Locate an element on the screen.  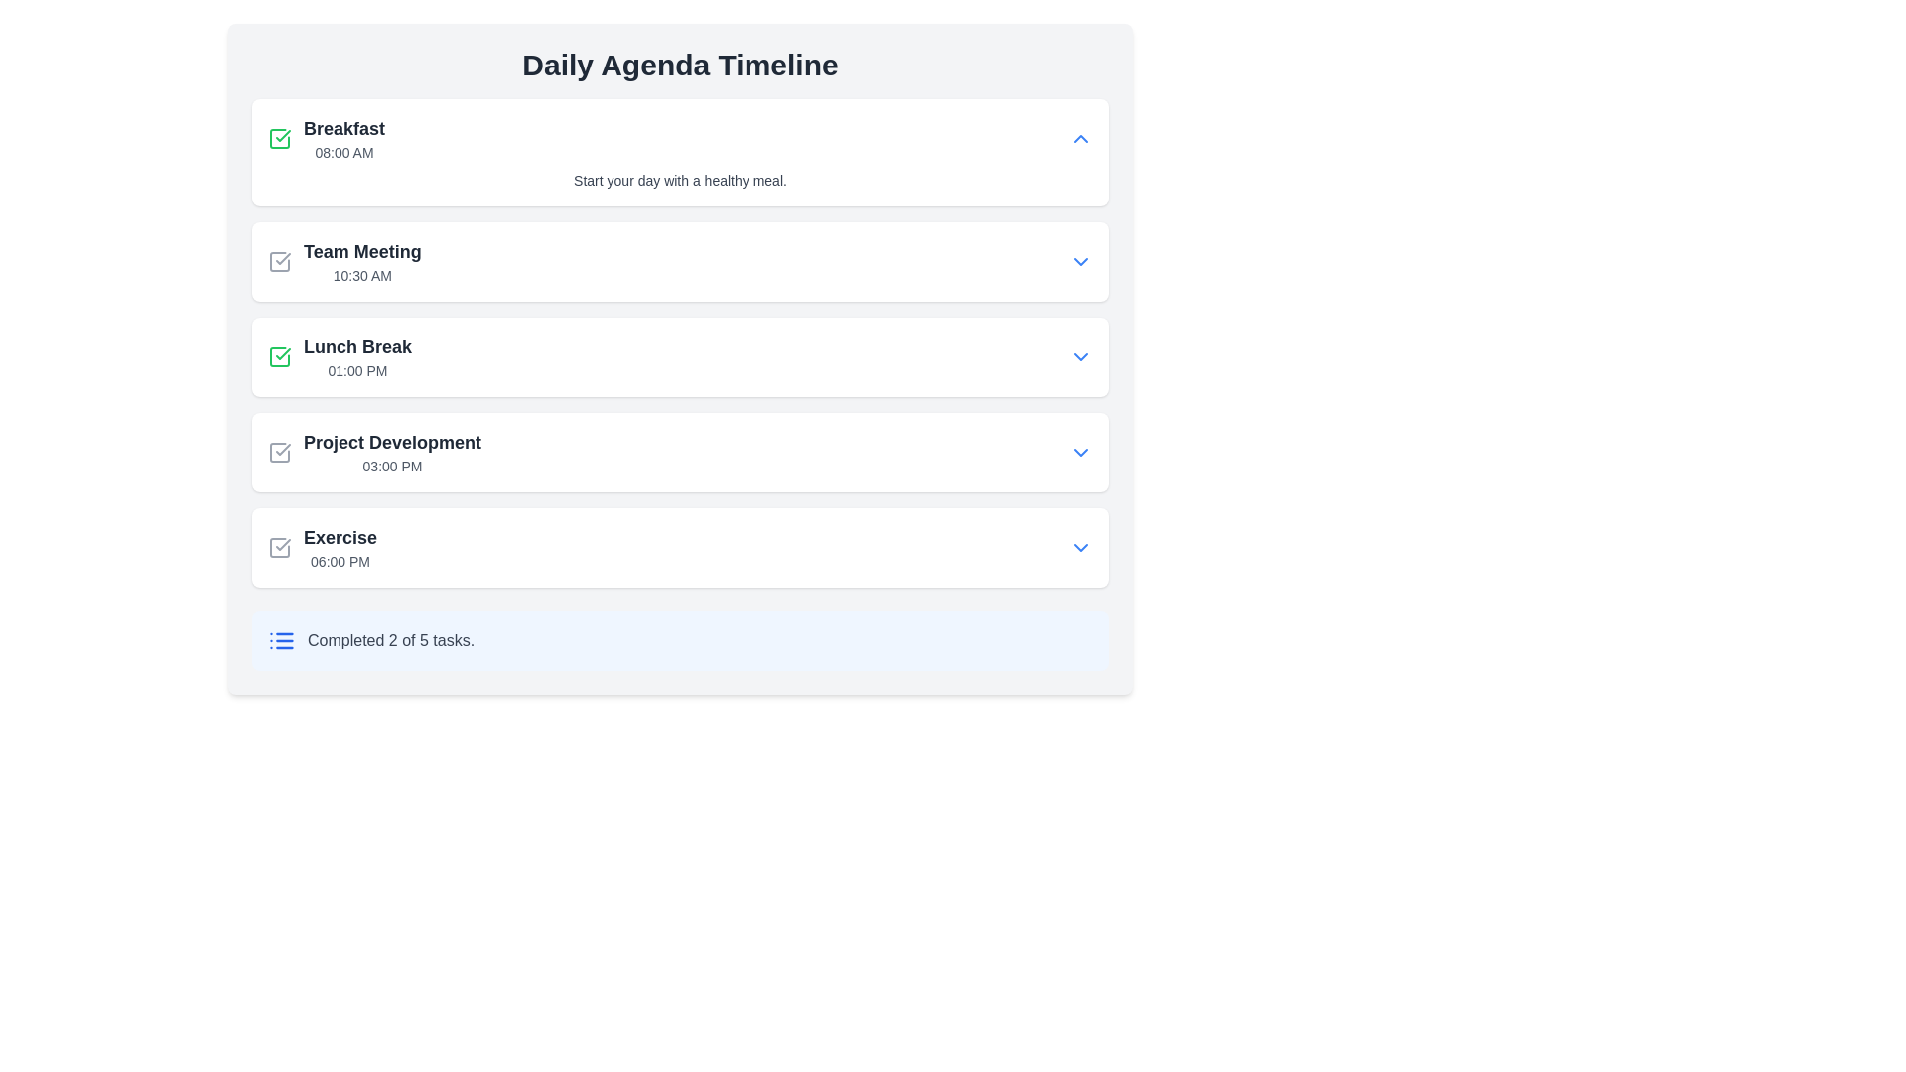
the Interactive icon (Chevron Down) located at the far right of the 'Project Development 03:00 PM' row to provide visual feedback is located at coordinates (1080, 452).